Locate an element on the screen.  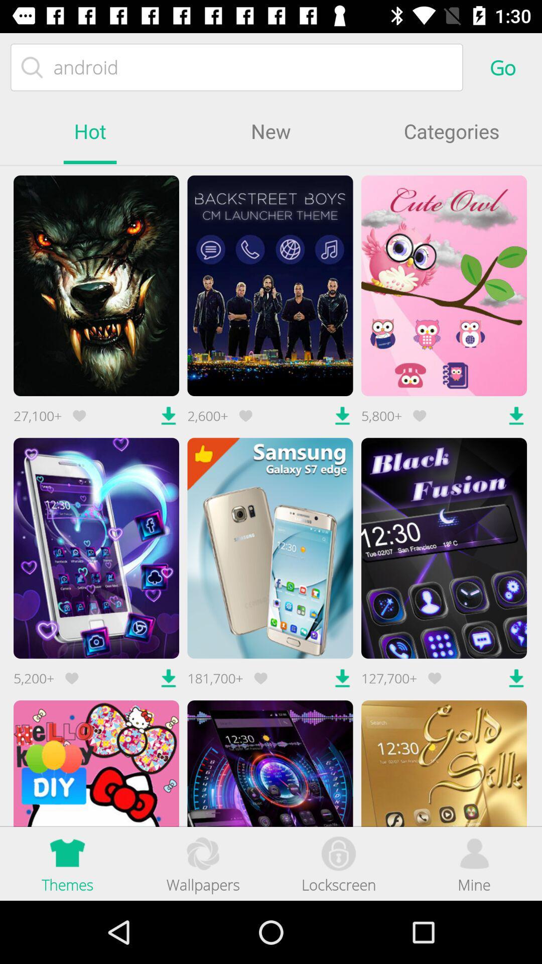
the search icon is located at coordinates (32, 67).